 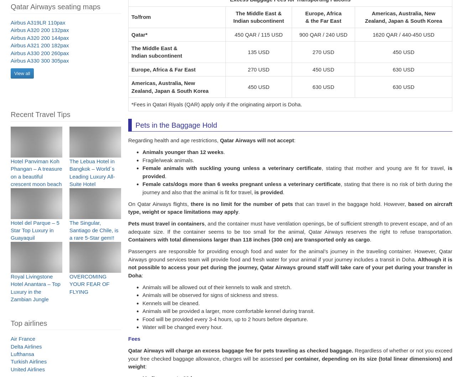 I want to click on 'Female animals with suckling young unless a veterinary certificate', so click(x=231, y=172).